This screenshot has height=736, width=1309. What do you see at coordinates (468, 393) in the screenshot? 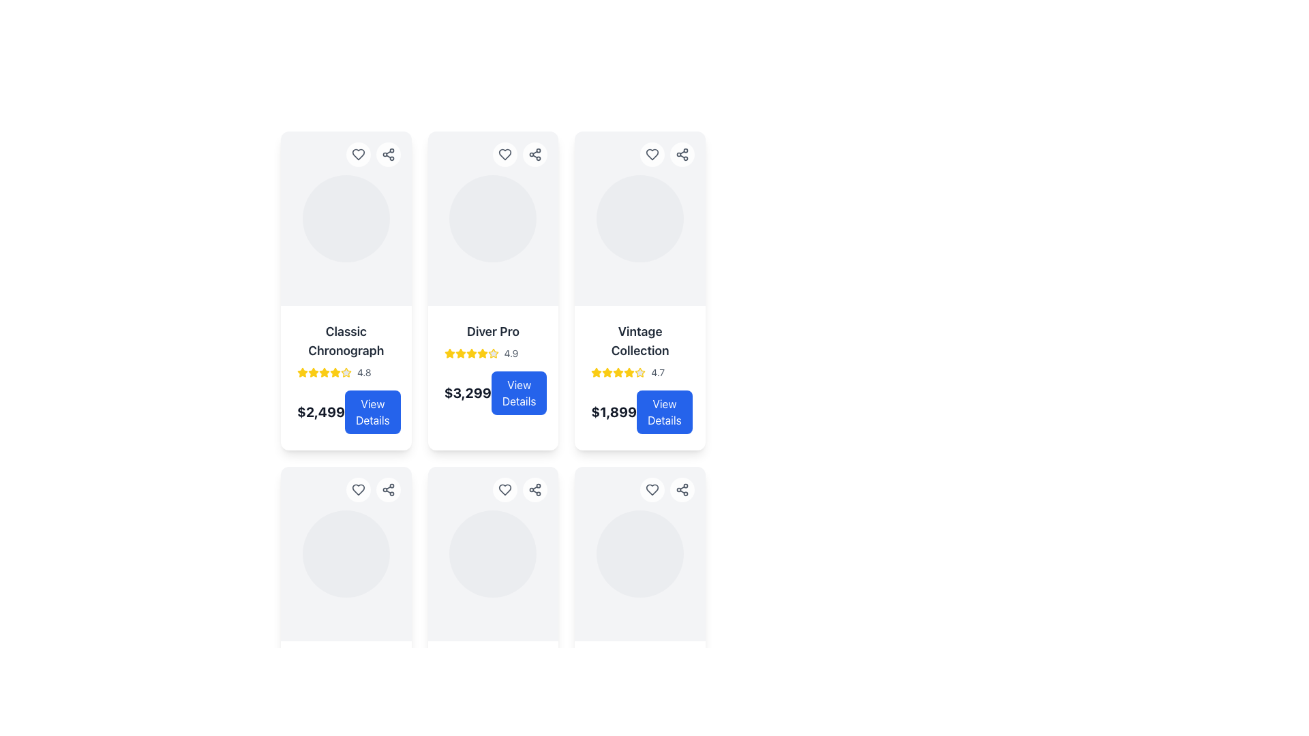
I see `price displayed in the middle card of the product grid, located to the left of the blue 'View Details' button` at bounding box center [468, 393].